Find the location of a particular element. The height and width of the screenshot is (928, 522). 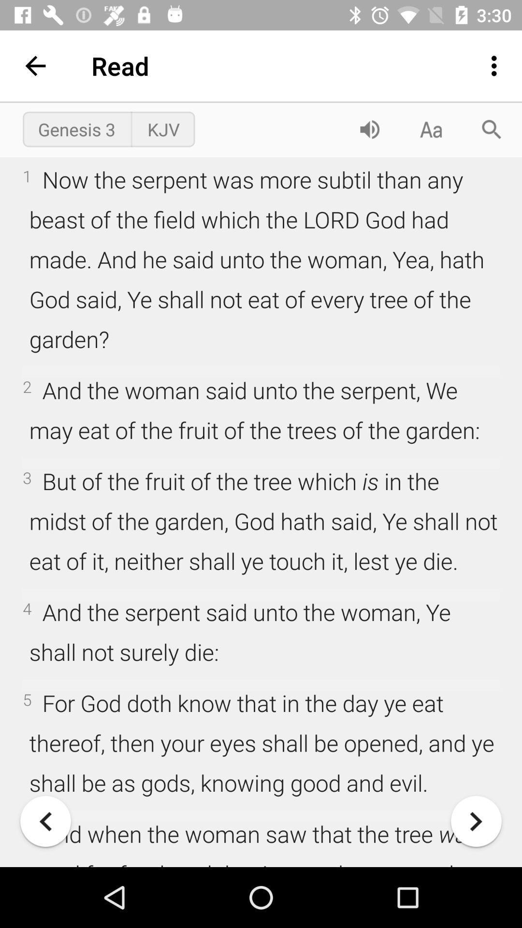

the item above the 1 now the is located at coordinates (492, 129).